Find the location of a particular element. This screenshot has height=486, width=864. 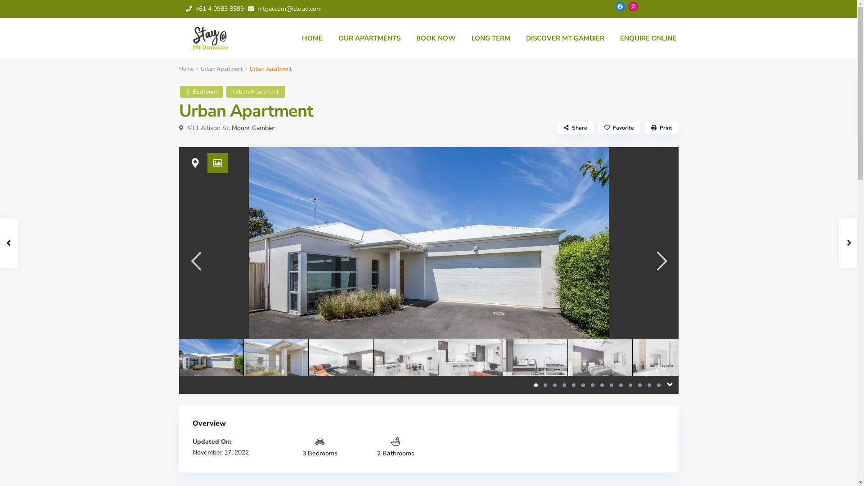

'Urban Apartment' is located at coordinates (255, 92).